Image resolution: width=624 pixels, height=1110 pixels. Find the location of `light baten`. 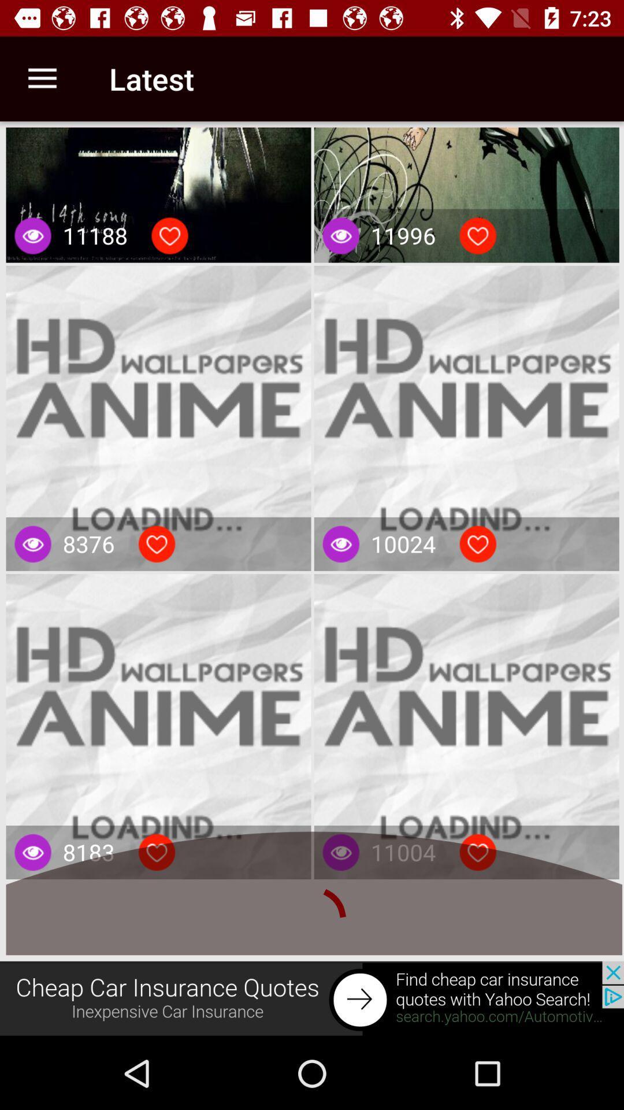

light baten is located at coordinates (478, 543).